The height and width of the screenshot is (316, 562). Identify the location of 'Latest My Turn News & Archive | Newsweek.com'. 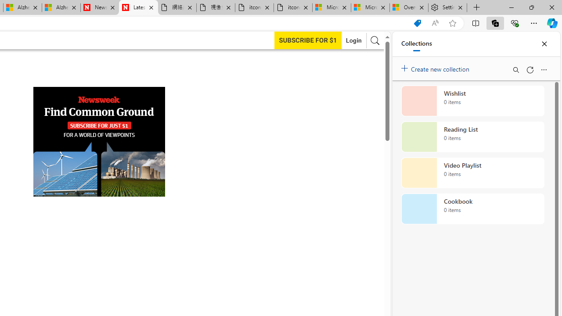
(138, 7).